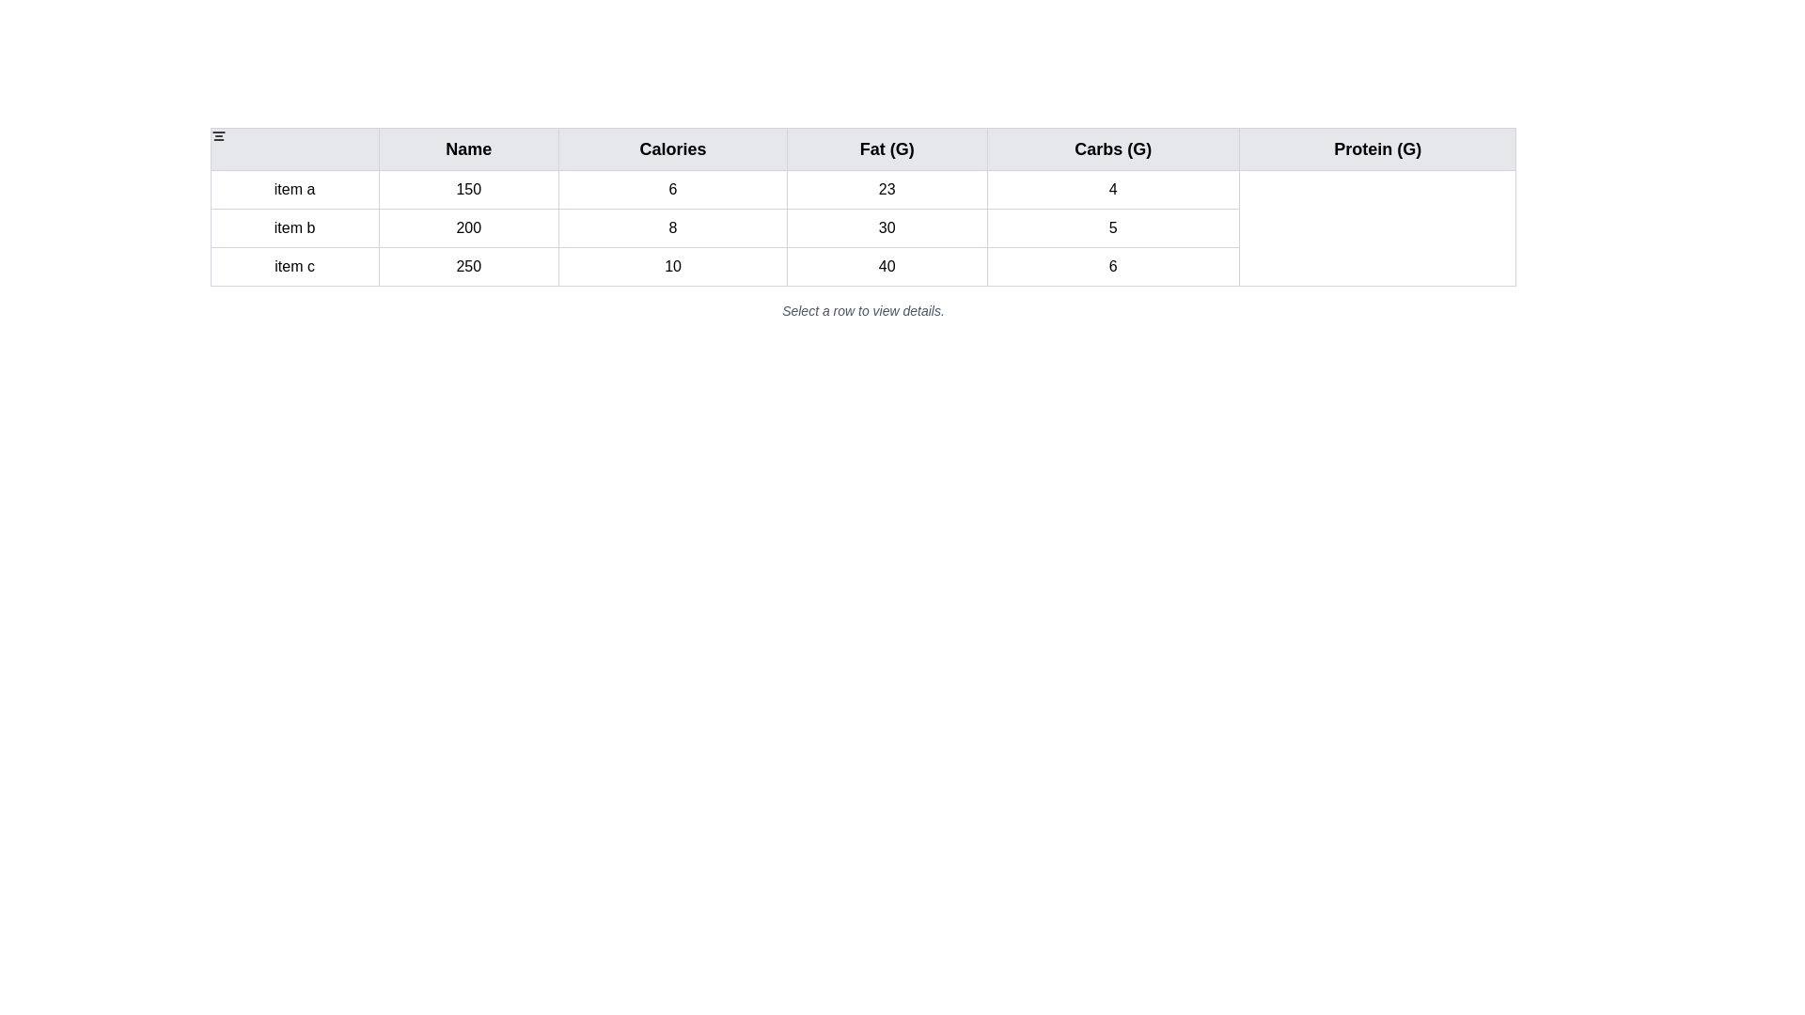 This screenshot has height=1015, width=1805. What do you see at coordinates (218, 135) in the screenshot?
I see `the icon in the table header to observe its design and functionality` at bounding box center [218, 135].